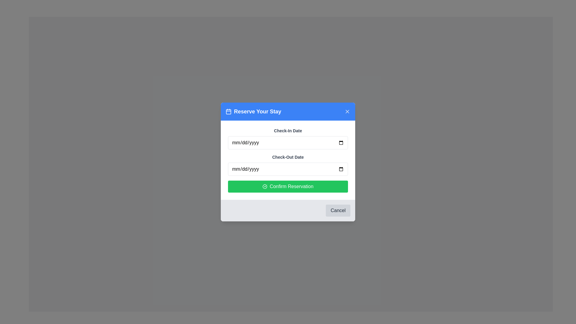 The image size is (576, 324). I want to click on the confirm reservation button located at the bottom section of the modal window, directly under the 'Check-In Date' and 'Check-Out Date' fields to proceed with the booking process, so click(288, 186).